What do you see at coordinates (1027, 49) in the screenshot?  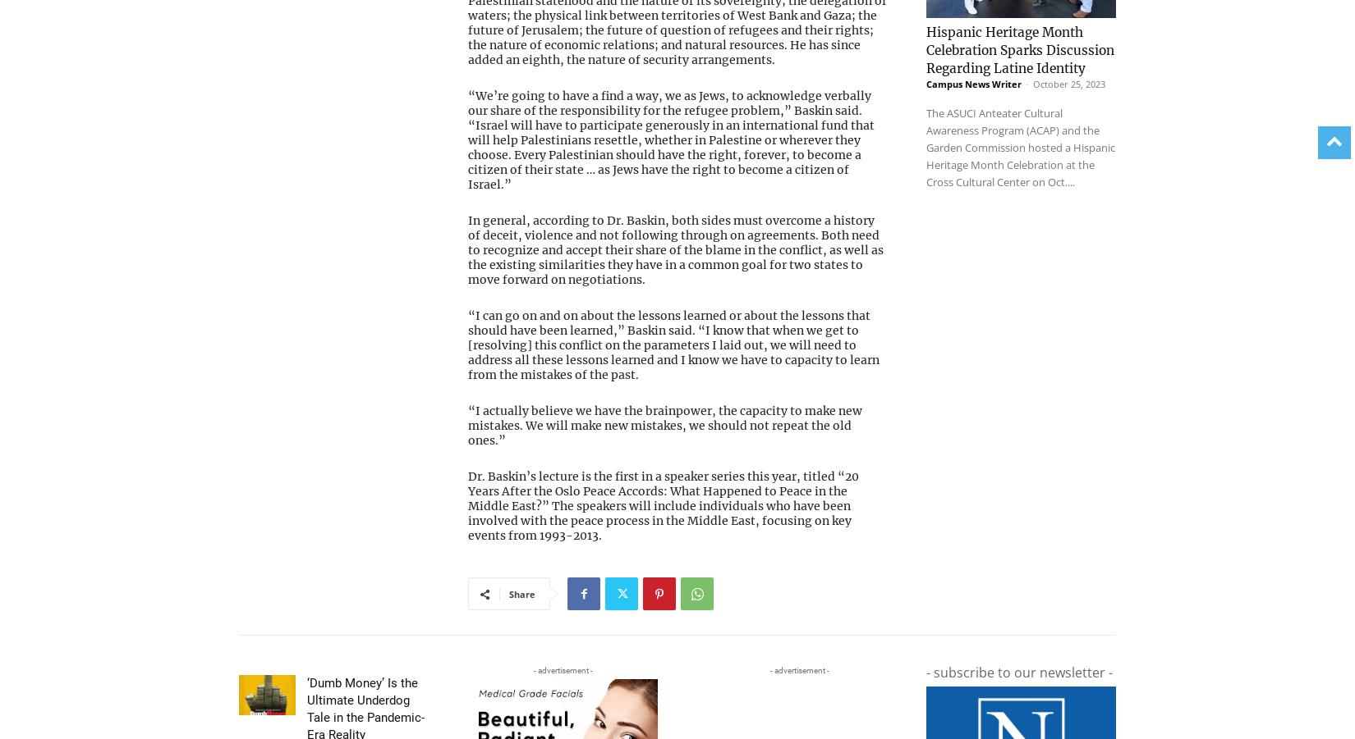 I see `'-'` at bounding box center [1027, 49].